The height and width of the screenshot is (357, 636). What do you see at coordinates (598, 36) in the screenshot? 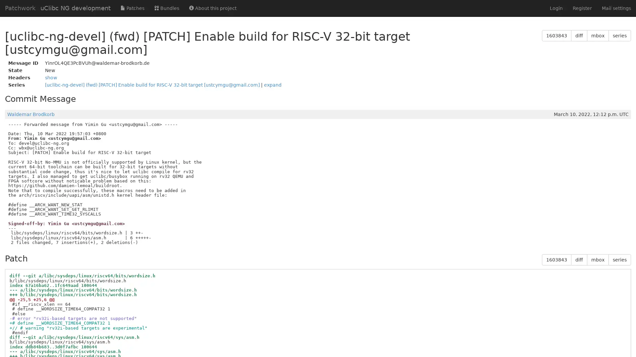
I see `mbox` at bounding box center [598, 36].